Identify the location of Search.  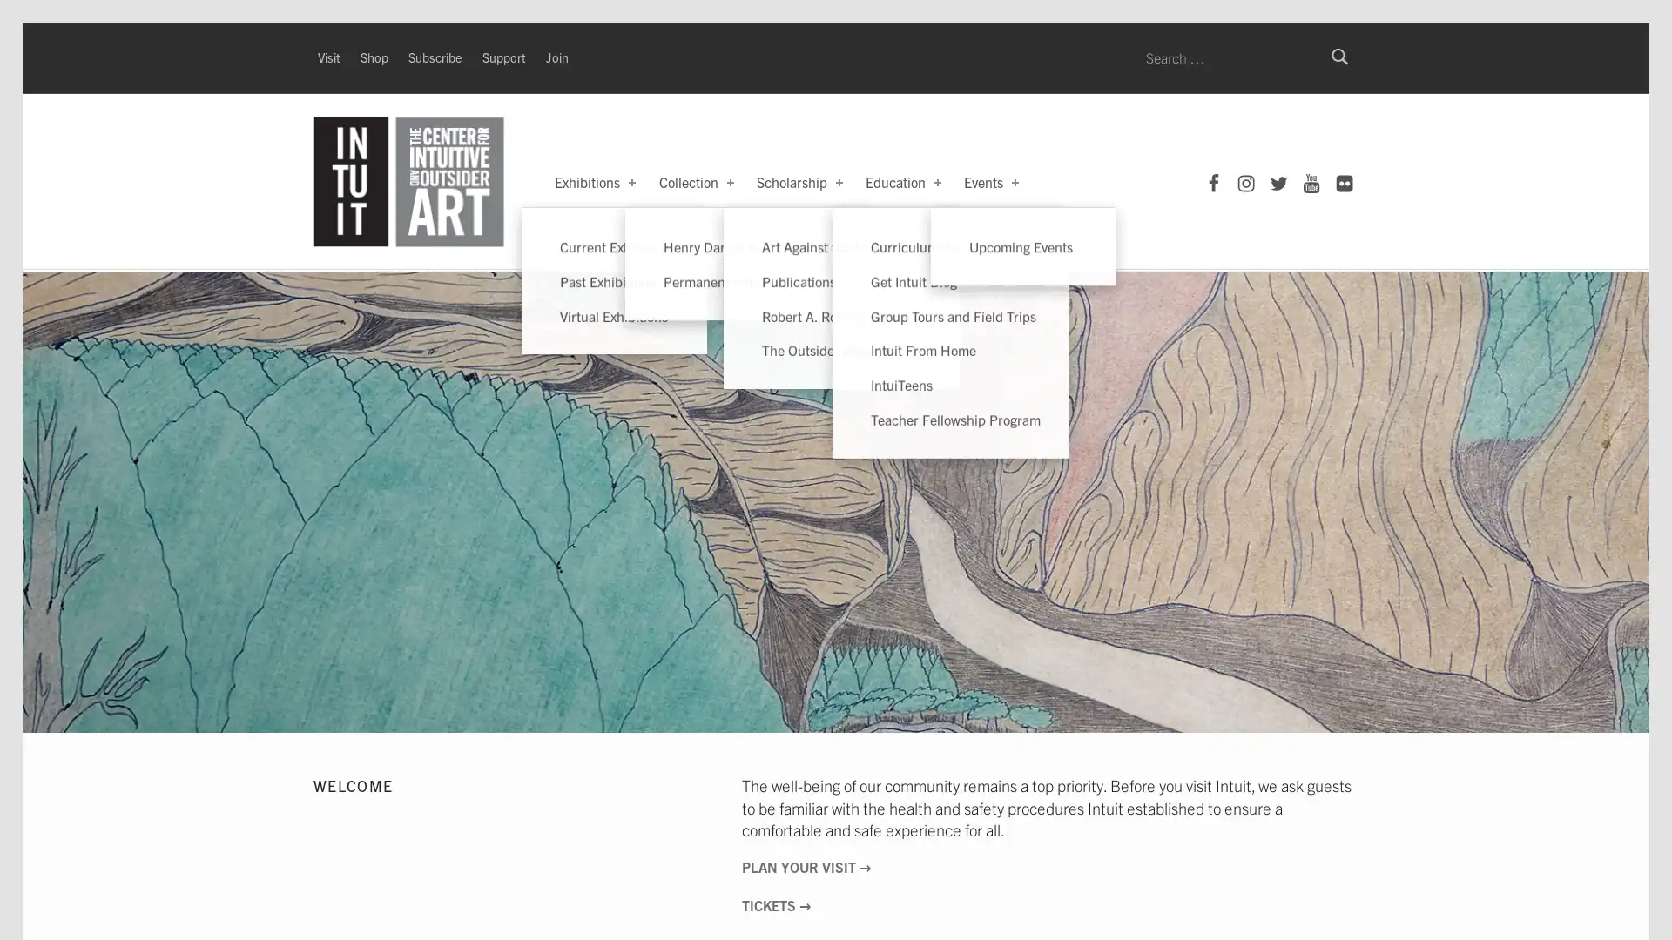
(1338, 46).